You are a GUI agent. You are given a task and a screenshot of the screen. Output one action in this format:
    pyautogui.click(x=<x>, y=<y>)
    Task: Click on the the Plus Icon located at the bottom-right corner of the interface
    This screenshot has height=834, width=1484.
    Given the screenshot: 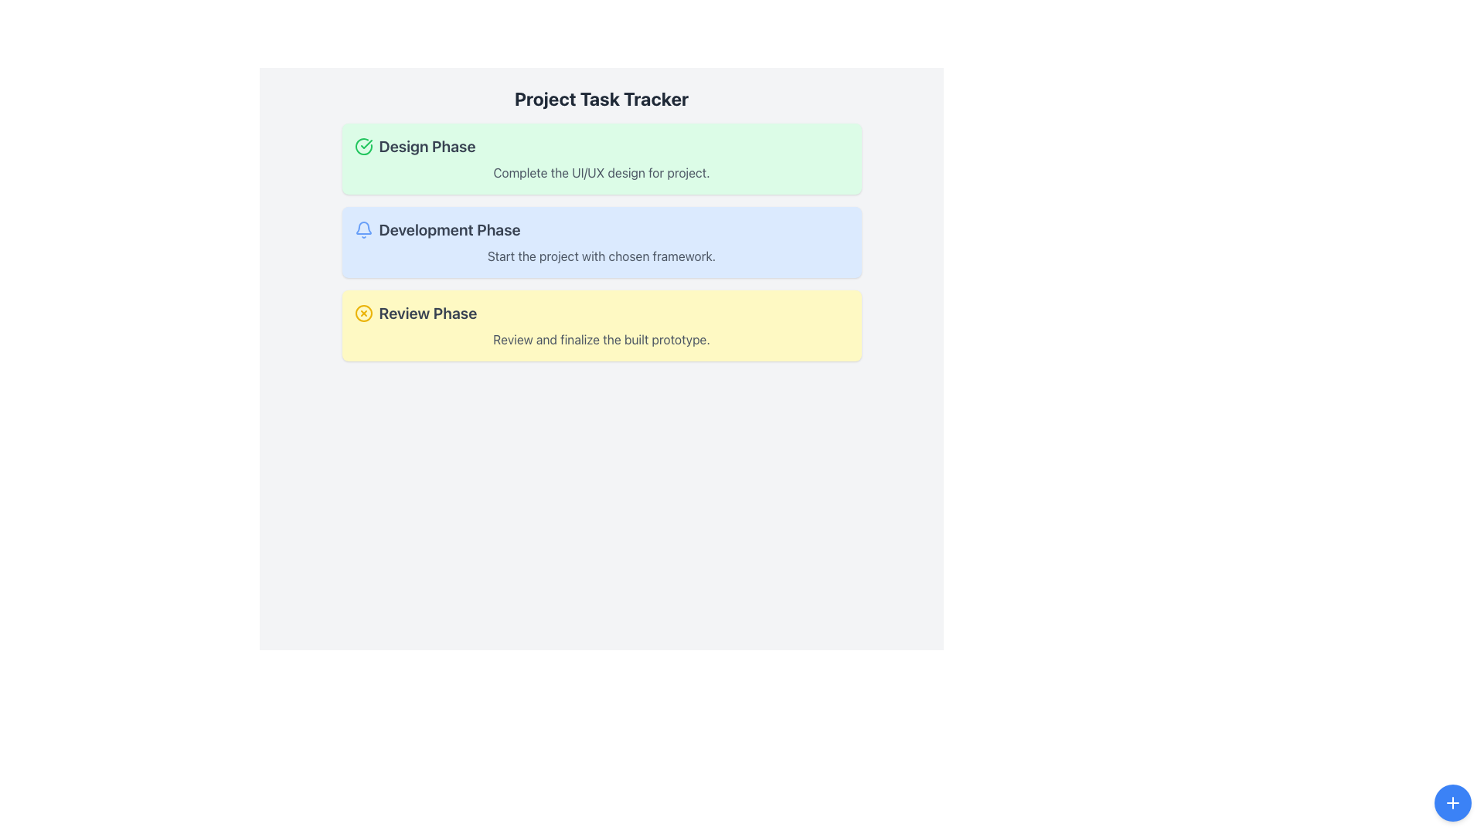 What is the action you would take?
    pyautogui.click(x=1452, y=802)
    